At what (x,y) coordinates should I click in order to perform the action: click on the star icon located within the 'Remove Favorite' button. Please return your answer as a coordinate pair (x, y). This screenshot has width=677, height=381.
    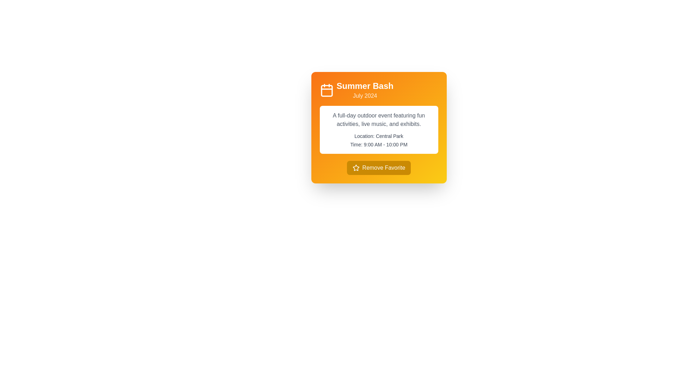
    Looking at the image, I should click on (356, 168).